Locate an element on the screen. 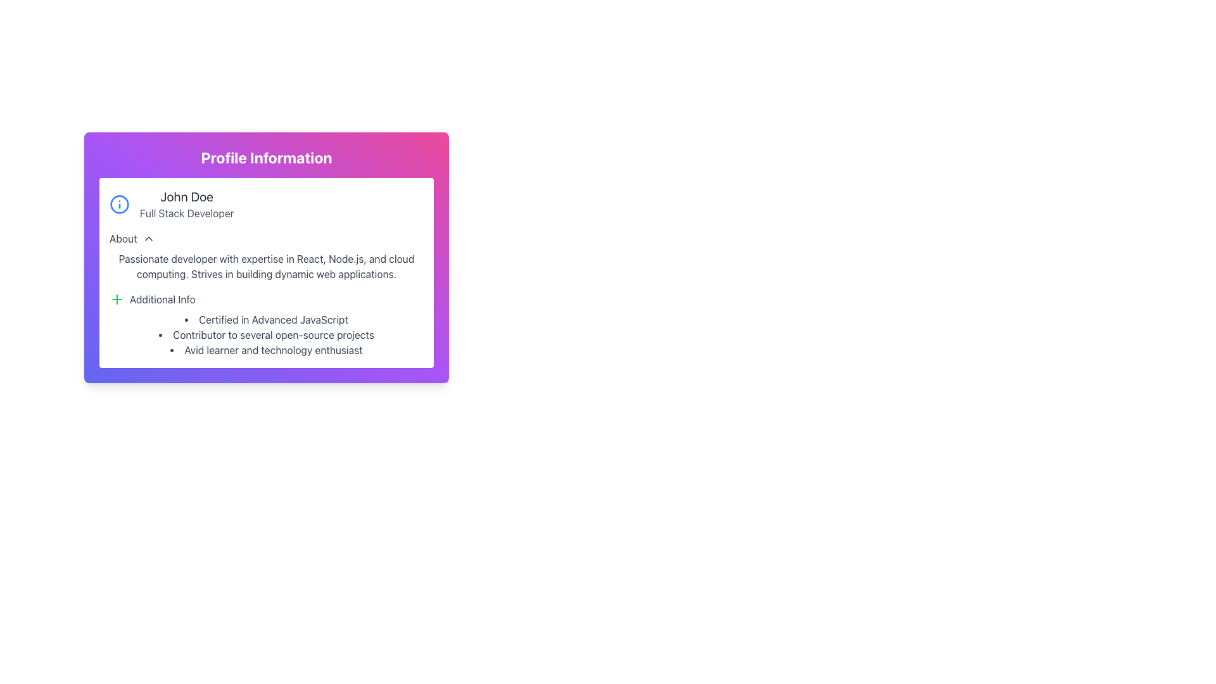 Image resolution: width=1216 pixels, height=684 pixels. the interactive elements contained within the Informational Card that summarizes a user's profile, including their name, professional title, skills, and additional notes is located at coordinates (266, 257).